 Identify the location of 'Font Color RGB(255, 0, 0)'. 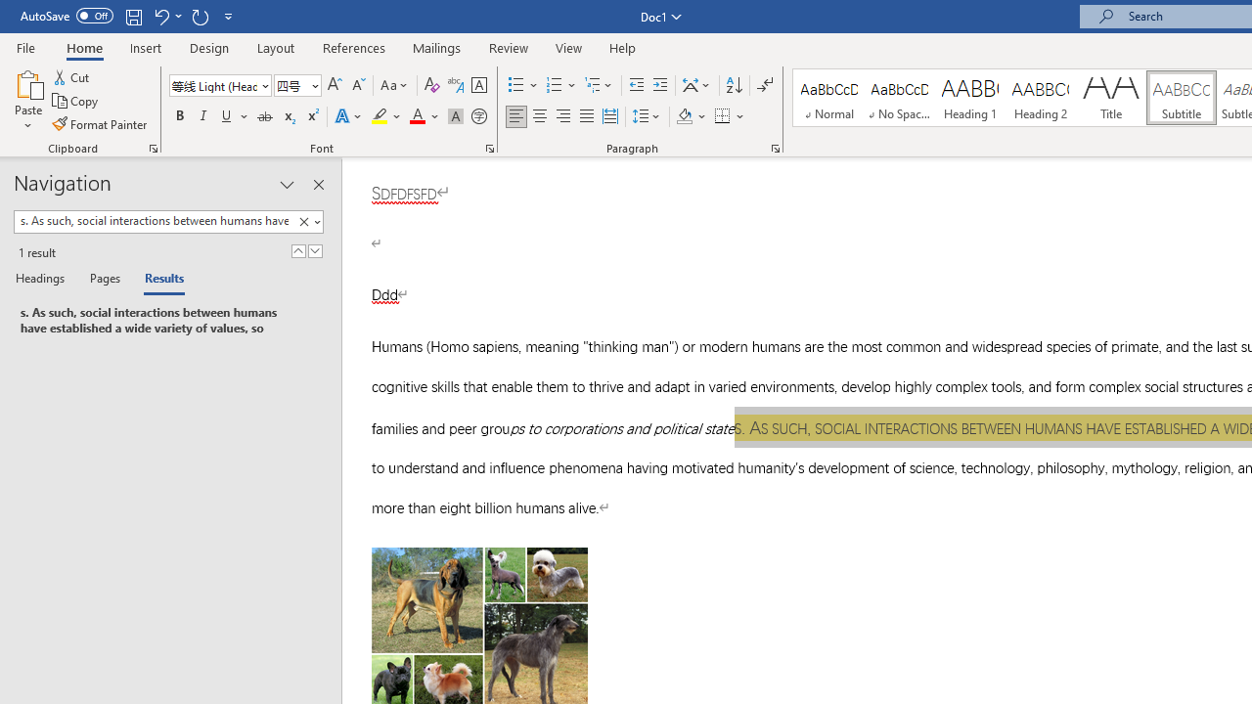
(416, 116).